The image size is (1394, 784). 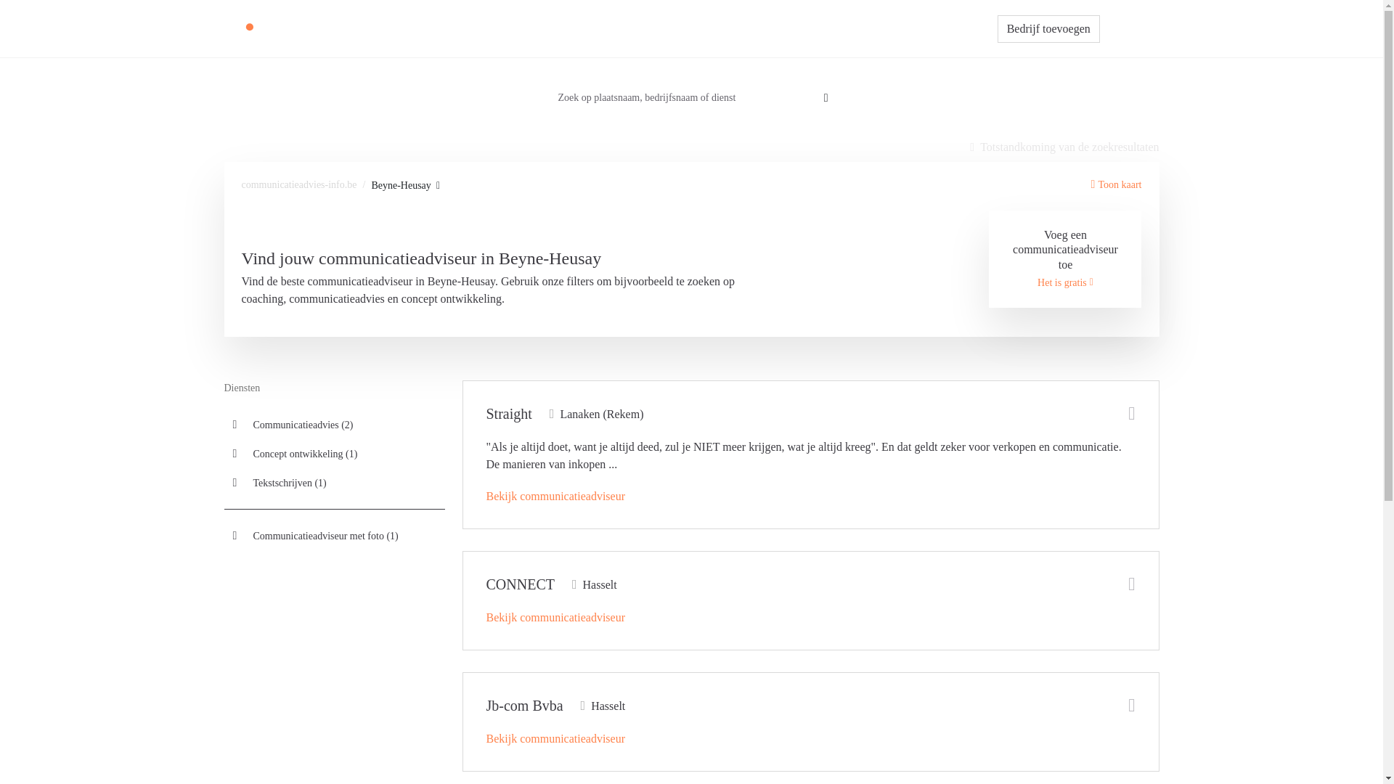 I want to click on 'communicatieadvies-info.be', so click(x=298, y=184).